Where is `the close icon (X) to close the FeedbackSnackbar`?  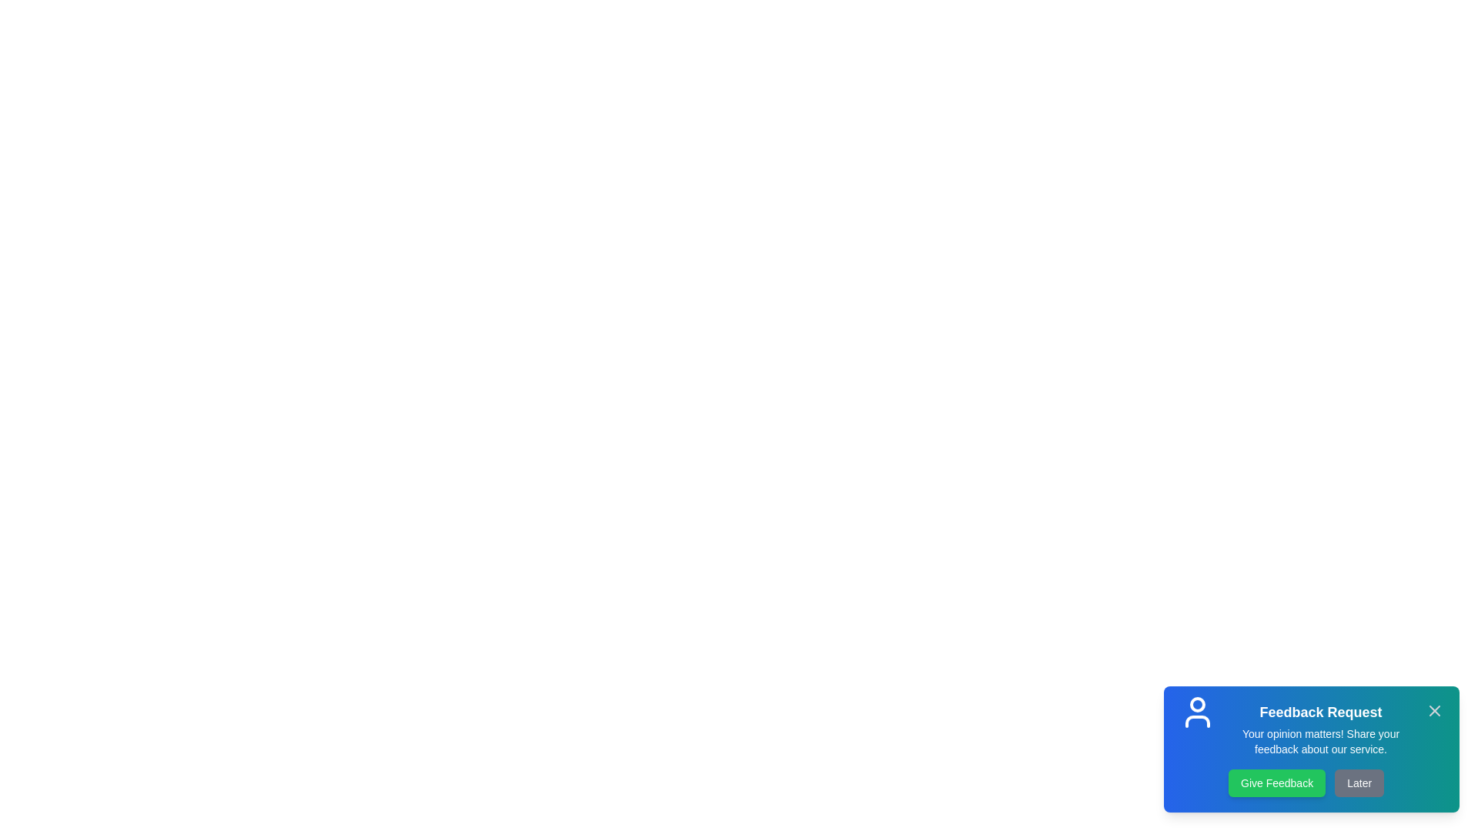
the close icon (X) to close the FeedbackSnackbar is located at coordinates (1433, 711).